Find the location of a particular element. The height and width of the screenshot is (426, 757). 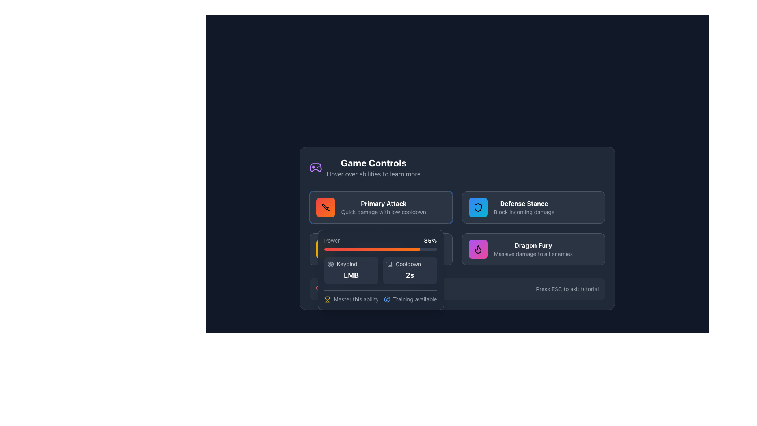

descriptions in the text block titled 'Game Controls' which features a subtitle 'Hover over abilities to learn more' is located at coordinates (373, 167).